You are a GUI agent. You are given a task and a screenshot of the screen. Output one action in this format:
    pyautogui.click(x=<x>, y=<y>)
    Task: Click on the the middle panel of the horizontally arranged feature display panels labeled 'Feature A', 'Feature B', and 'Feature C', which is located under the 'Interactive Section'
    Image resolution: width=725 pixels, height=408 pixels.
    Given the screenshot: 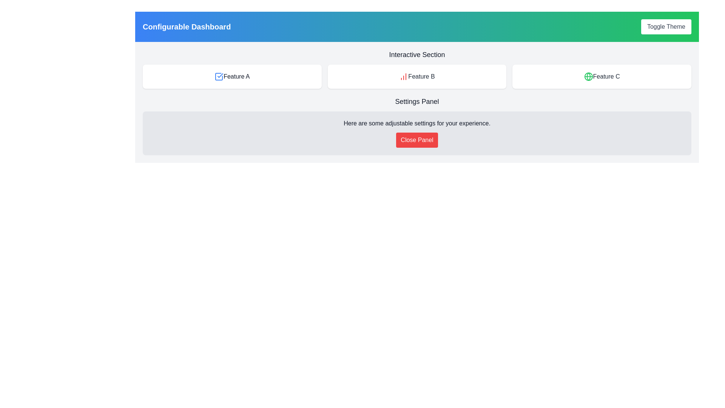 What is the action you would take?
    pyautogui.click(x=416, y=77)
    